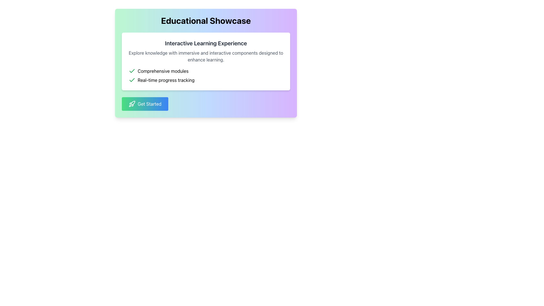 This screenshot has height=306, width=544. I want to click on the descriptive text that reads 'Explore knowledge with immersive and interactive components designed to enhance learning.' located below the title 'Interactive Learning Experience' and above the bullet-pointed list, so click(205, 56).